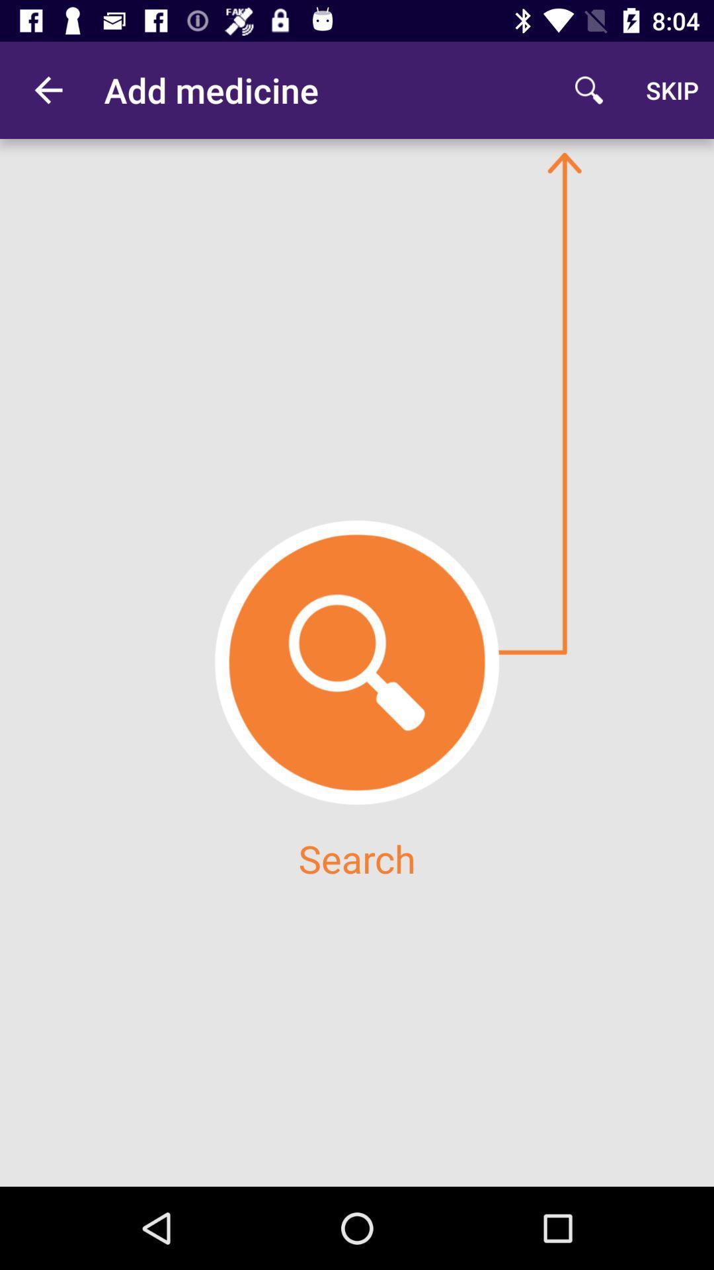  I want to click on skip item, so click(672, 89).